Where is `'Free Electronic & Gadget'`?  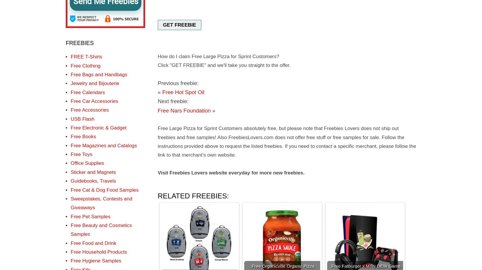 'Free Electronic & Gadget' is located at coordinates (98, 128).